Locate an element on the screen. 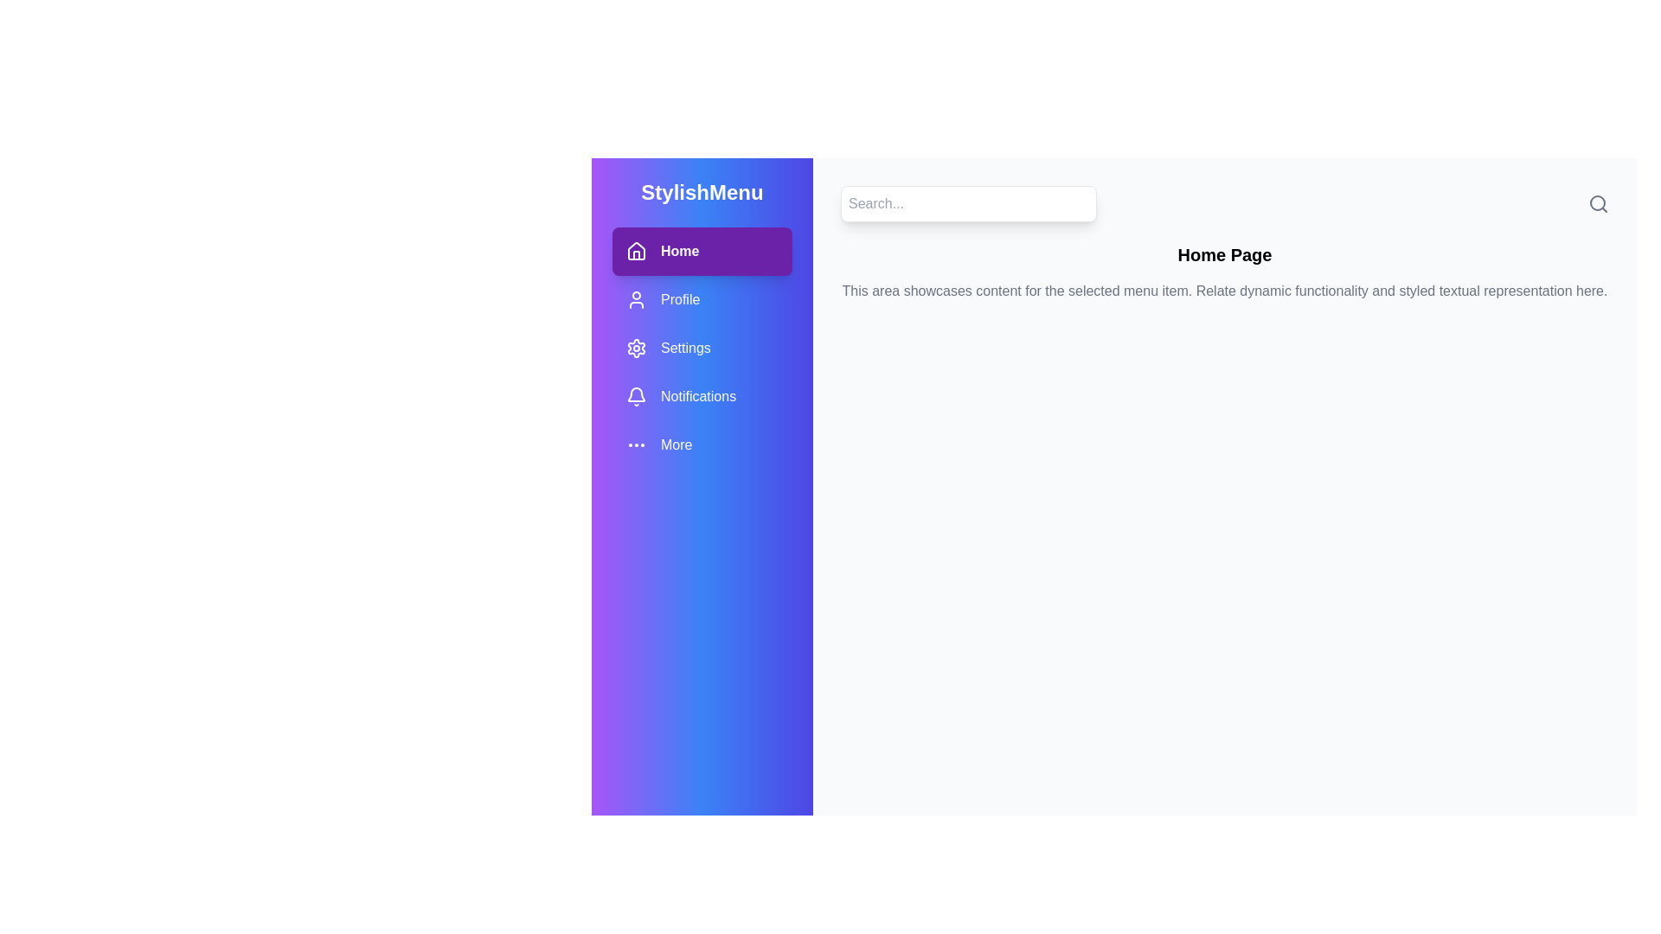  the menu item Profile to navigate to the corresponding page is located at coordinates (702, 299).